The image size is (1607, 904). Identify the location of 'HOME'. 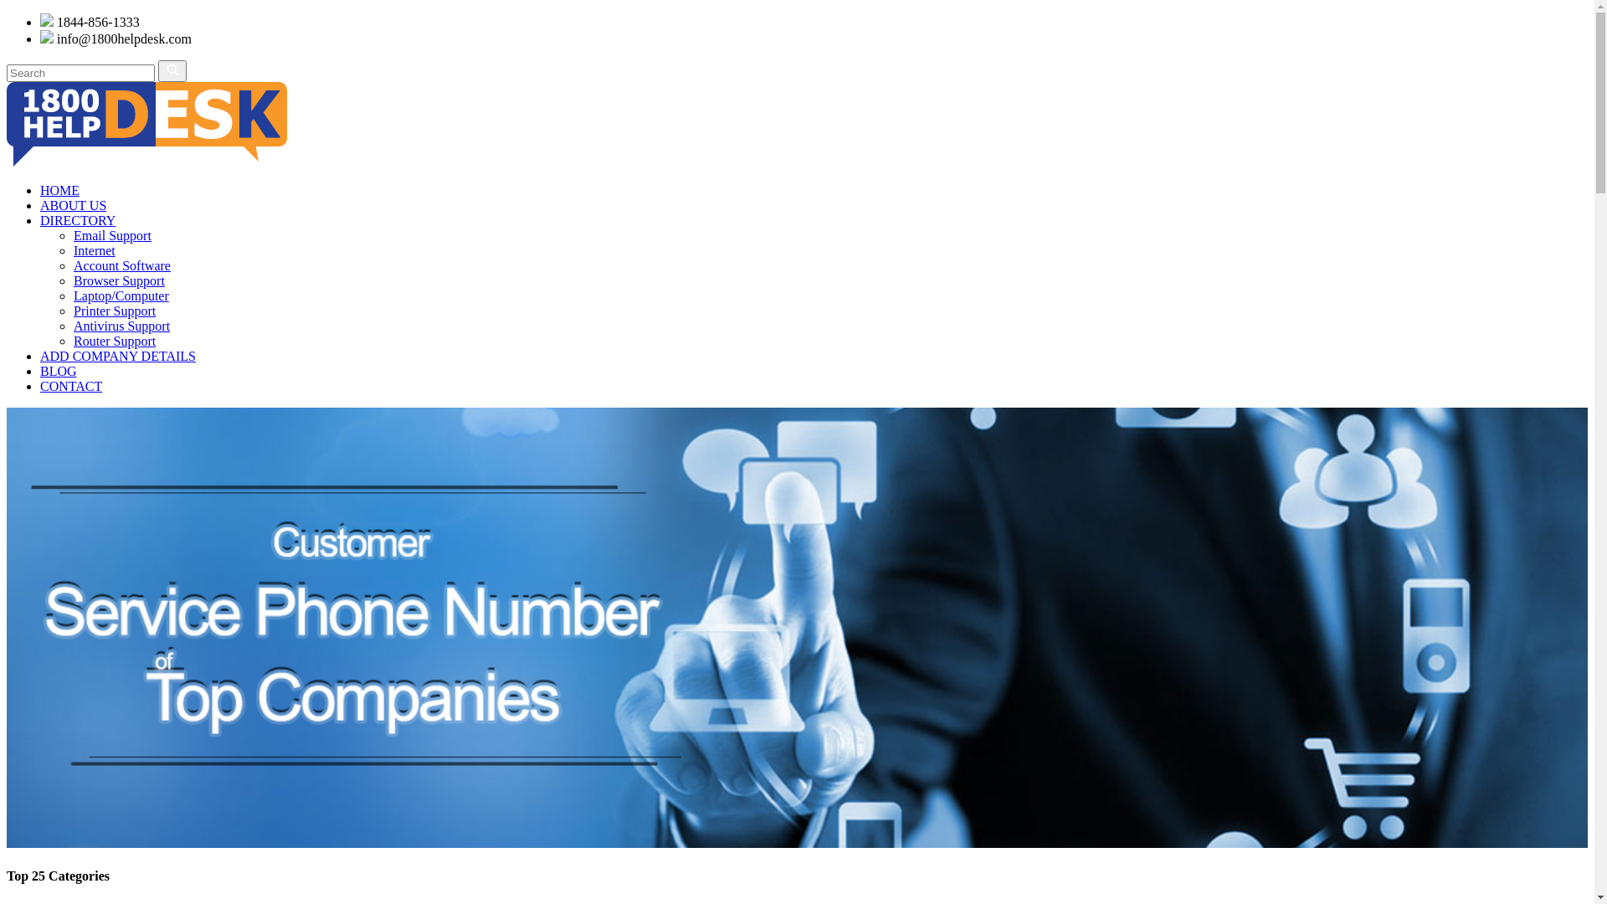
(59, 189).